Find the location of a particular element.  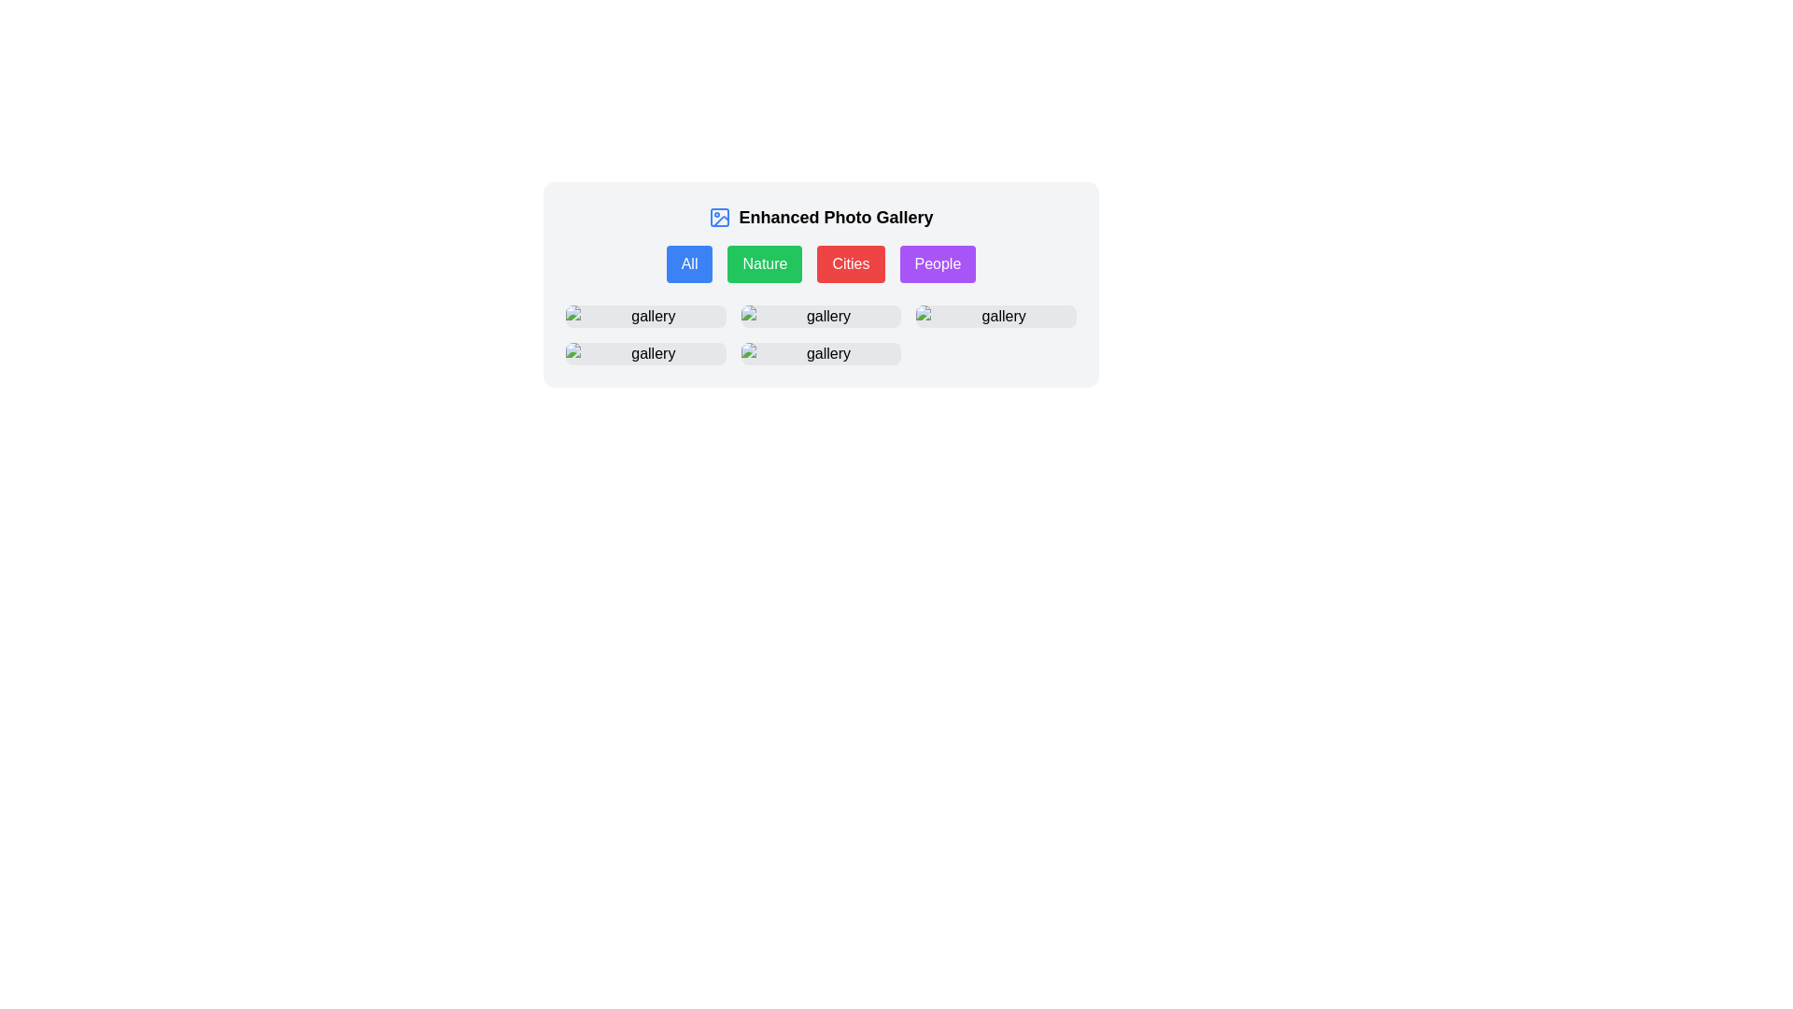

the rectangular button labeled 'All' with a blue background and white text, located under the title 'Enhanced Photo Gallery' is located at coordinates (688, 263).